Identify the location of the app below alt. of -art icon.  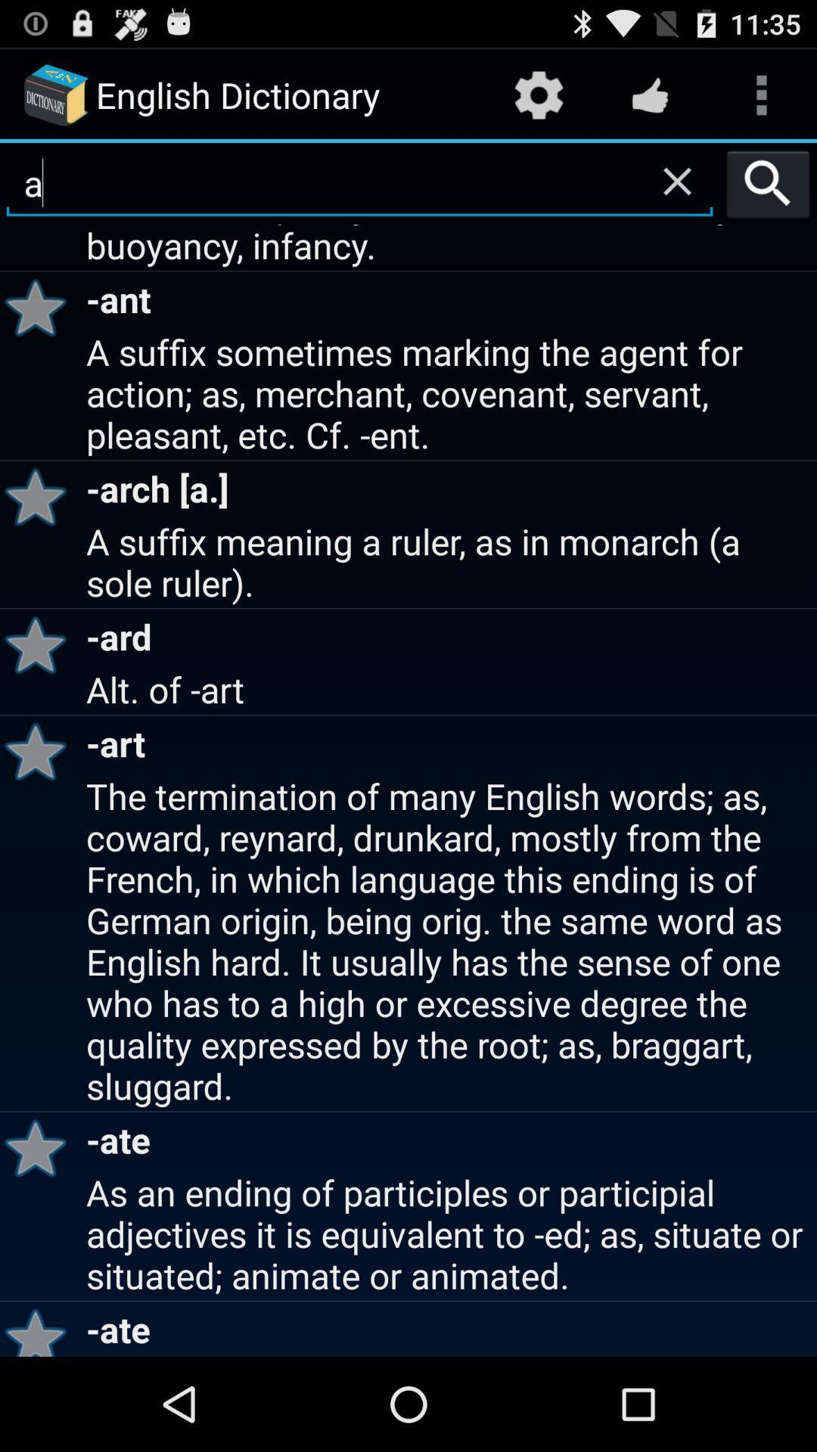
(40, 751).